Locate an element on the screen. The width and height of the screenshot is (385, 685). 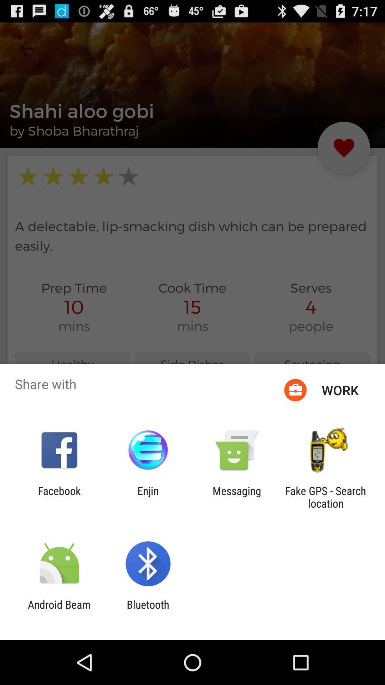
the item to the left of enjin icon is located at coordinates (59, 497).